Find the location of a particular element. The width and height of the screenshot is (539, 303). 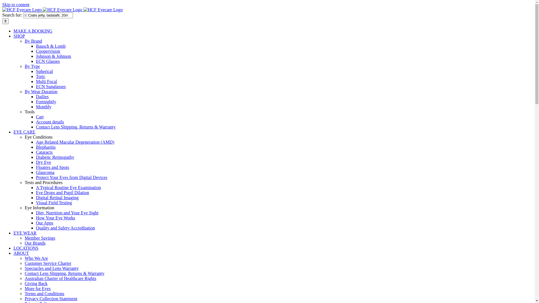

'Member Savings' is located at coordinates (40, 238).